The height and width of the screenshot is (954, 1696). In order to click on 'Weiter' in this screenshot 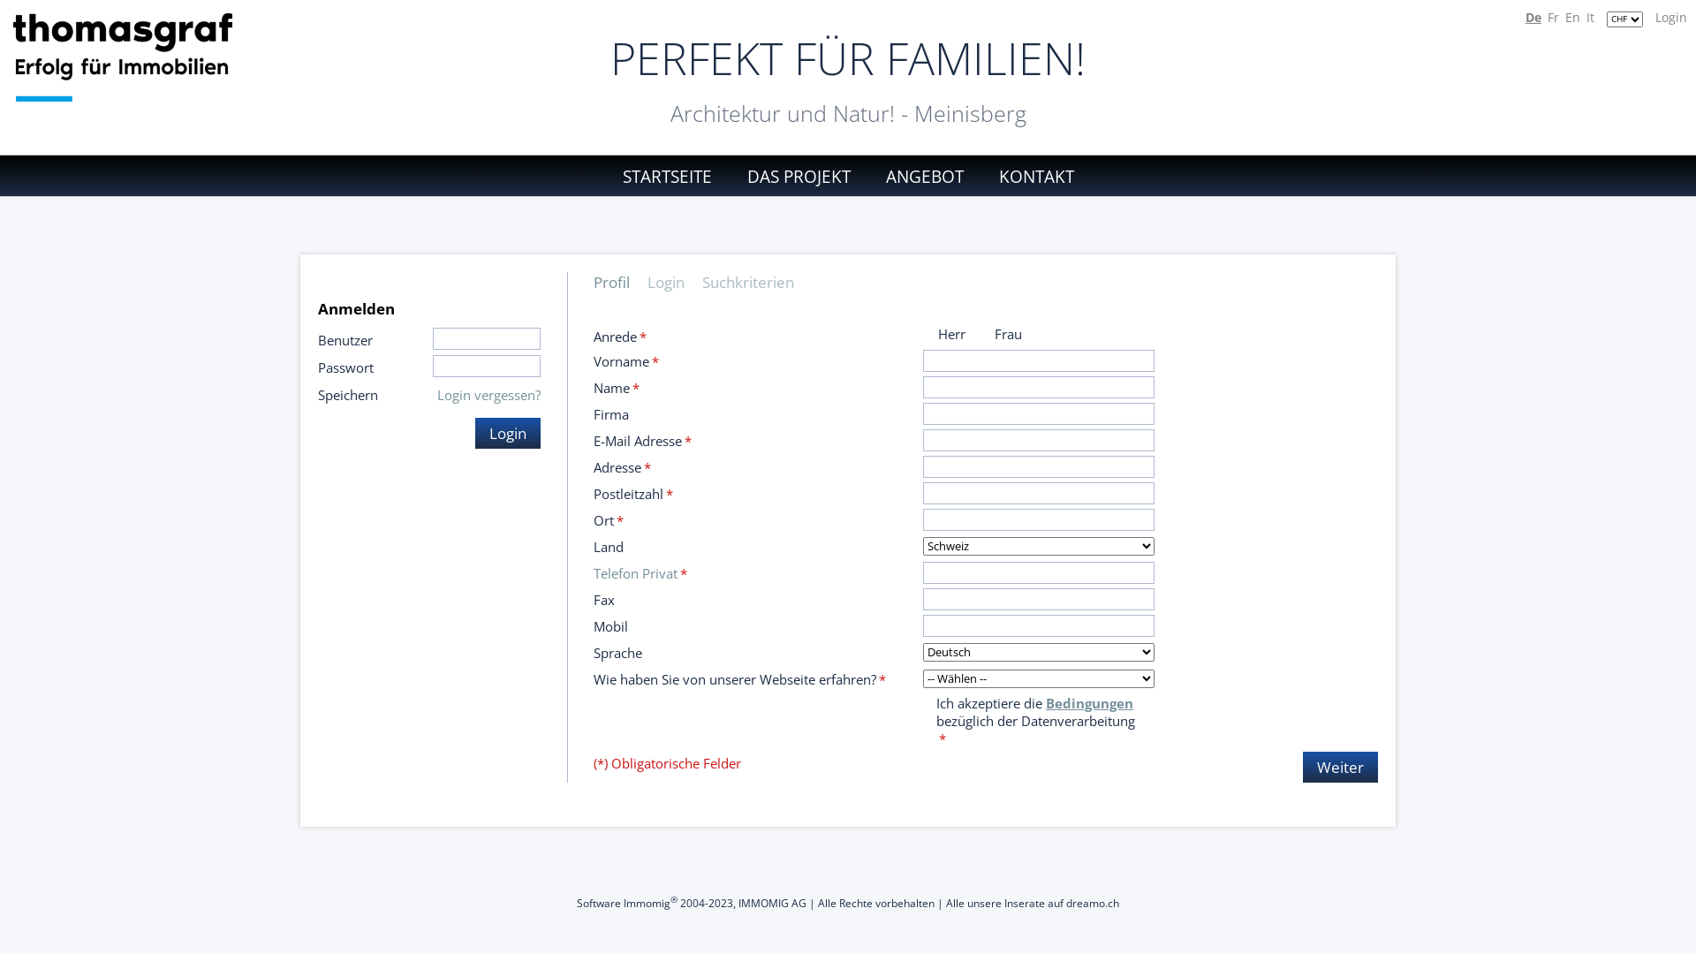, I will do `click(1340, 766)`.